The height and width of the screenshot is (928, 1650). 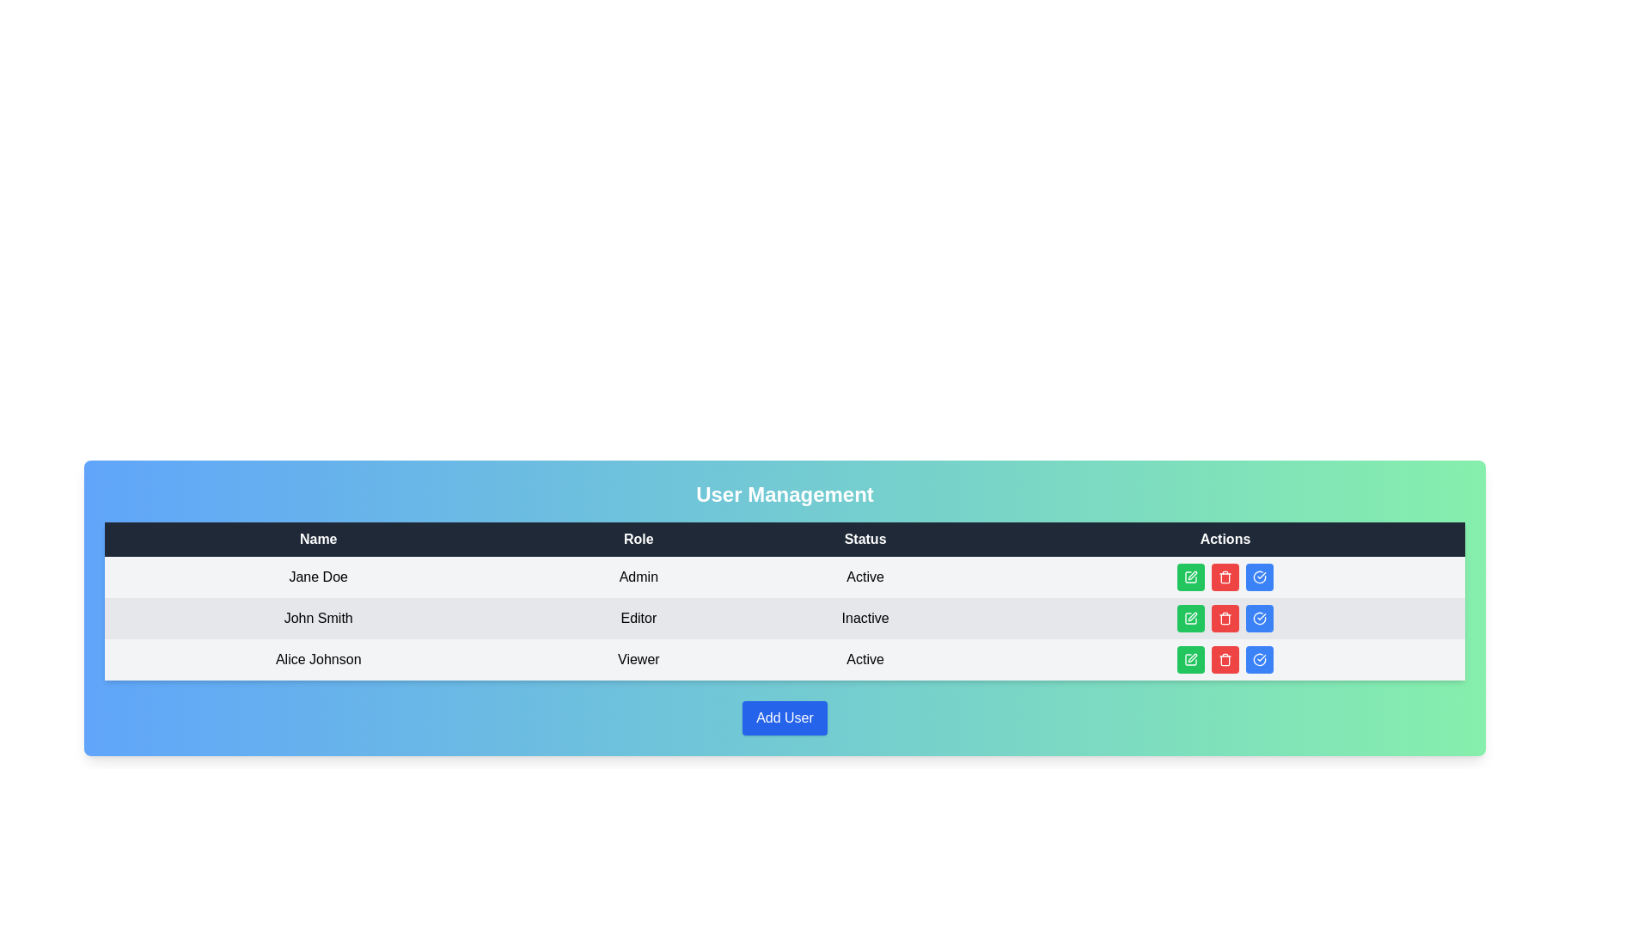 What do you see at coordinates (1190, 619) in the screenshot?
I see `the first action button in the second row of the 'Actions' column in the user management table` at bounding box center [1190, 619].